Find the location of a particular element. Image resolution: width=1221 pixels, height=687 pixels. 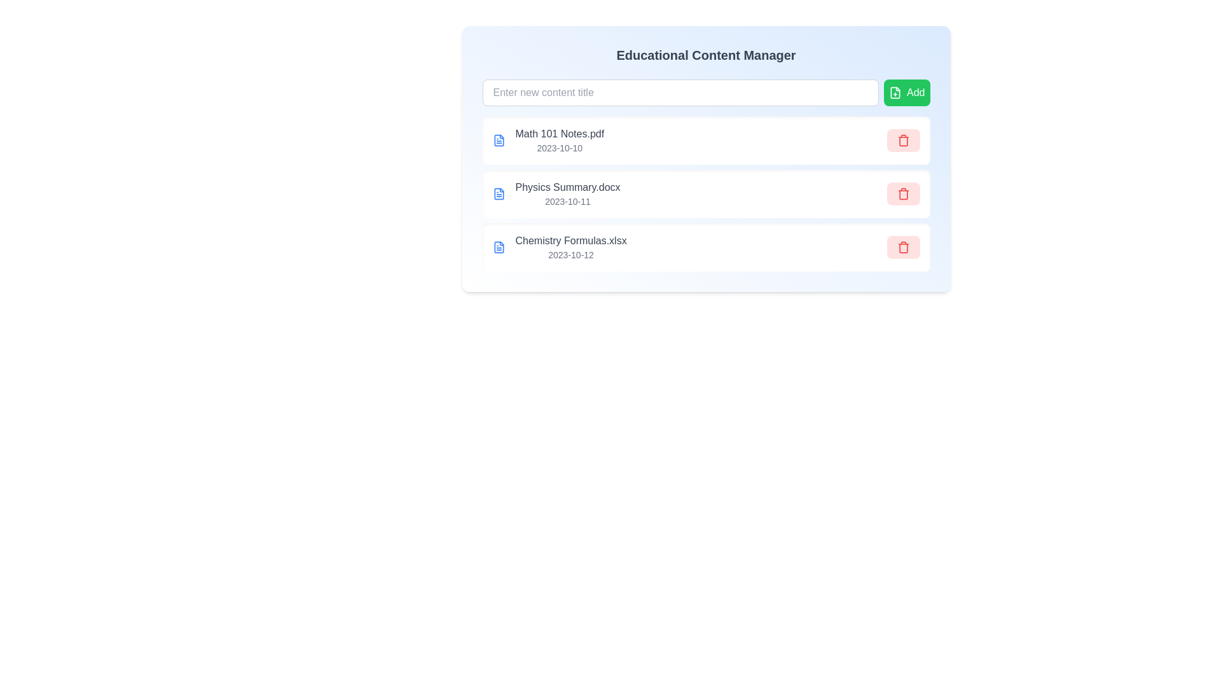

the delete button located in the second row of the list, which is aligned to the right side and associated with the item 'Physics Summary.docx' is located at coordinates (902, 193).